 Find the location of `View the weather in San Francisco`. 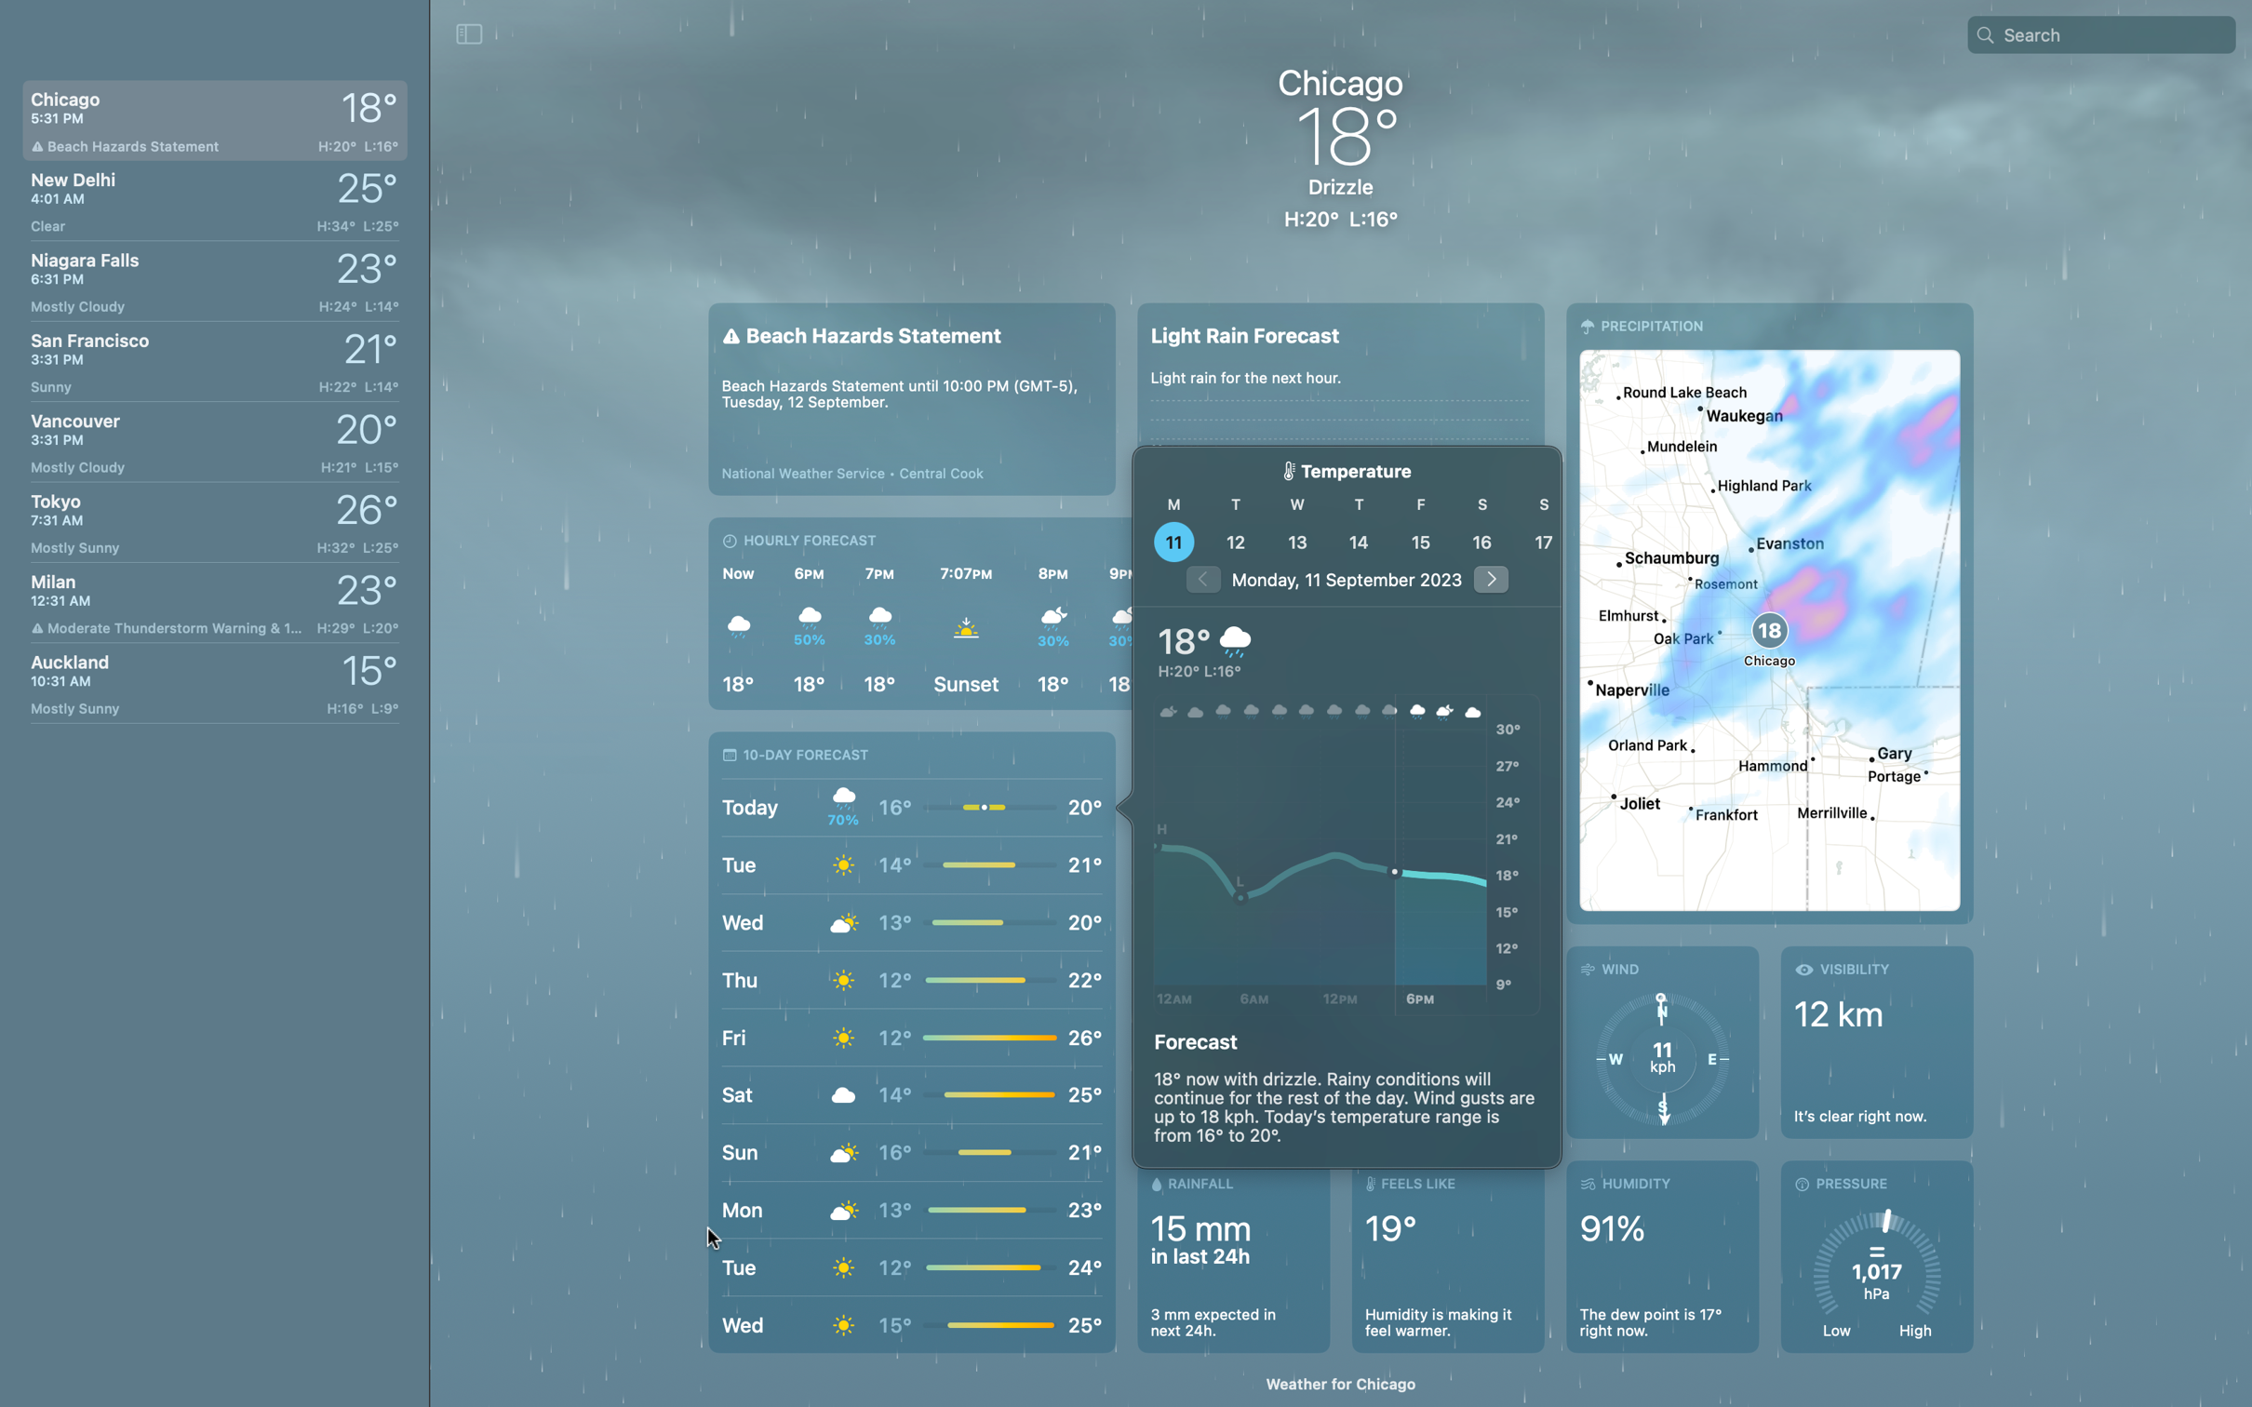

View the weather in San Francisco is located at coordinates (210, 355).